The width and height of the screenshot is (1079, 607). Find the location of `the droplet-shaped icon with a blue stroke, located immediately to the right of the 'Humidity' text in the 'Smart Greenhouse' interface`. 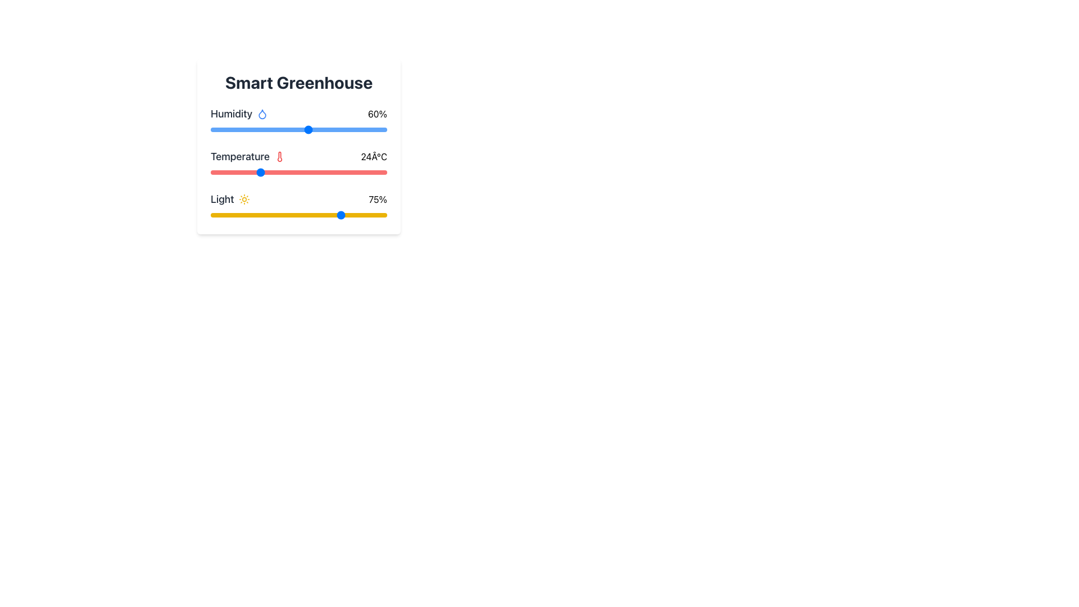

the droplet-shaped icon with a blue stroke, located immediately to the right of the 'Humidity' text in the 'Smart Greenhouse' interface is located at coordinates (262, 114).